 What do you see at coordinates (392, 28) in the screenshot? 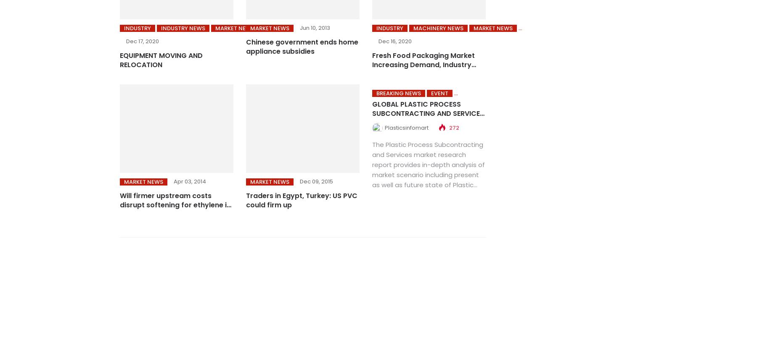
I see `'Plastic Packaging'` at bounding box center [392, 28].